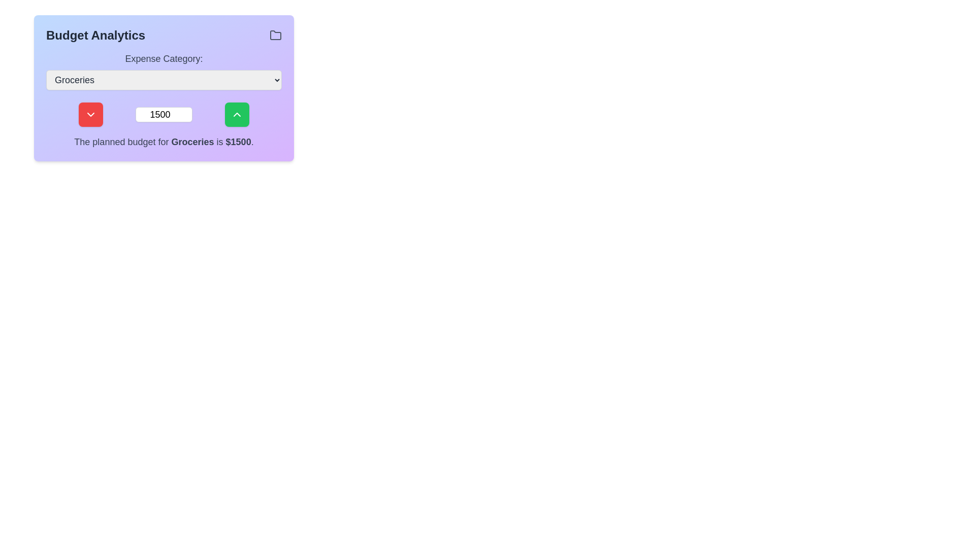  What do you see at coordinates (164, 35) in the screenshot?
I see `the folder icon on the header bar of the 'Budget Analytics' section for context` at bounding box center [164, 35].